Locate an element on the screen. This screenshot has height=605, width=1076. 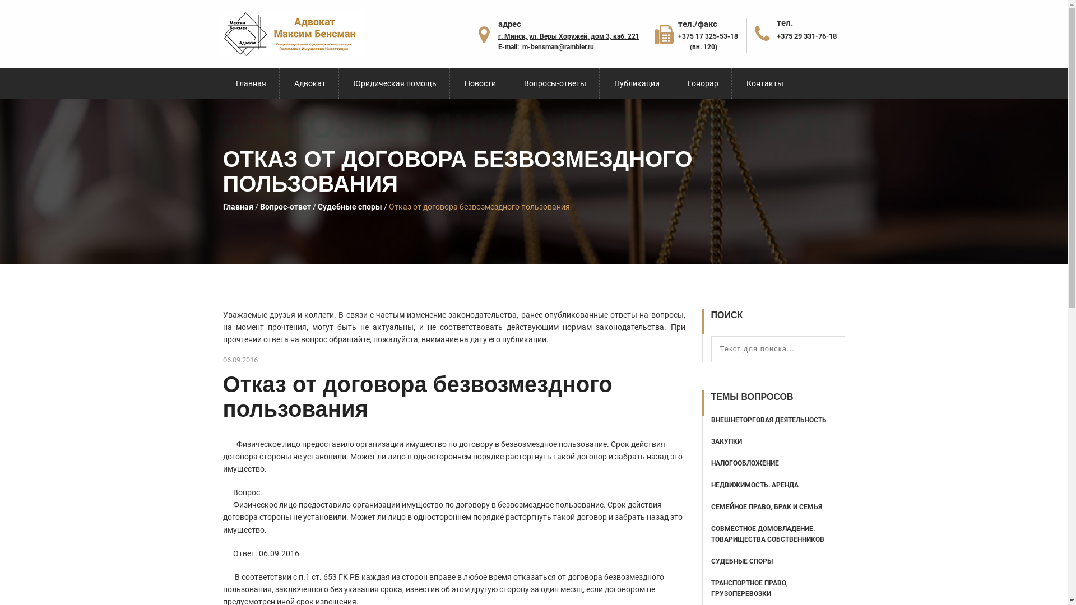
'-bensman@rambler.ru' is located at coordinates (561, 46).